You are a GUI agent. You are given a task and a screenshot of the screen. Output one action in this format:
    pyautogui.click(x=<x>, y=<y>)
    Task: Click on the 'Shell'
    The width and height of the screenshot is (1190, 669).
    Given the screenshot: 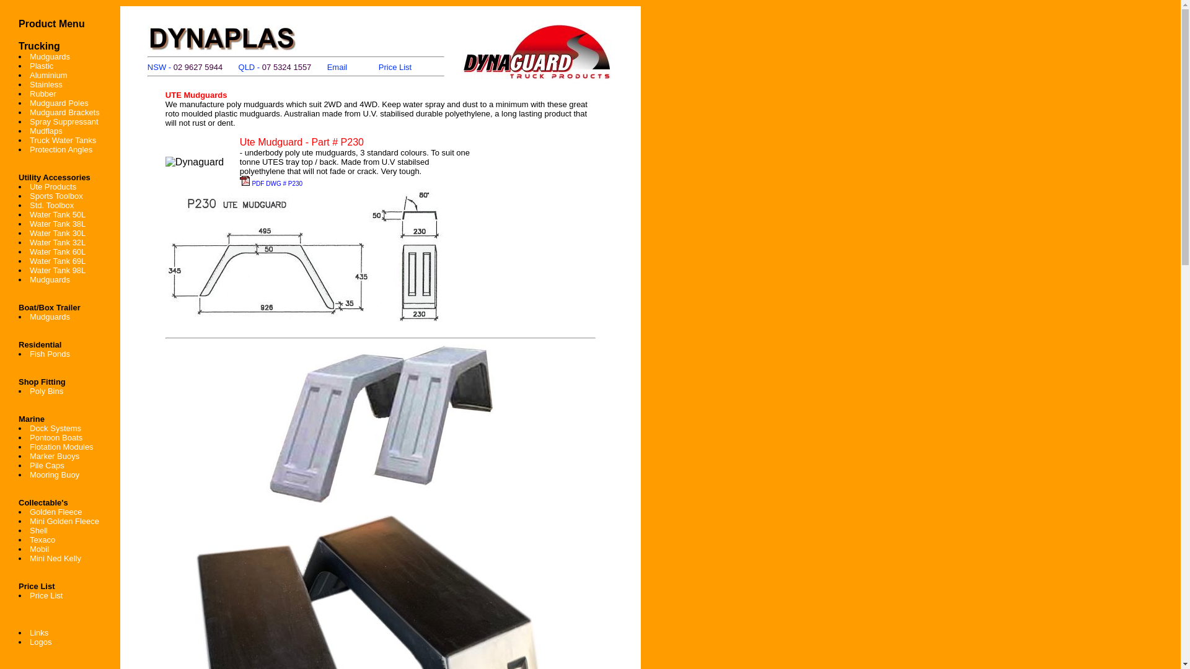 What is the action you would take?
    pyautogui.click(x=38, y=530)
    